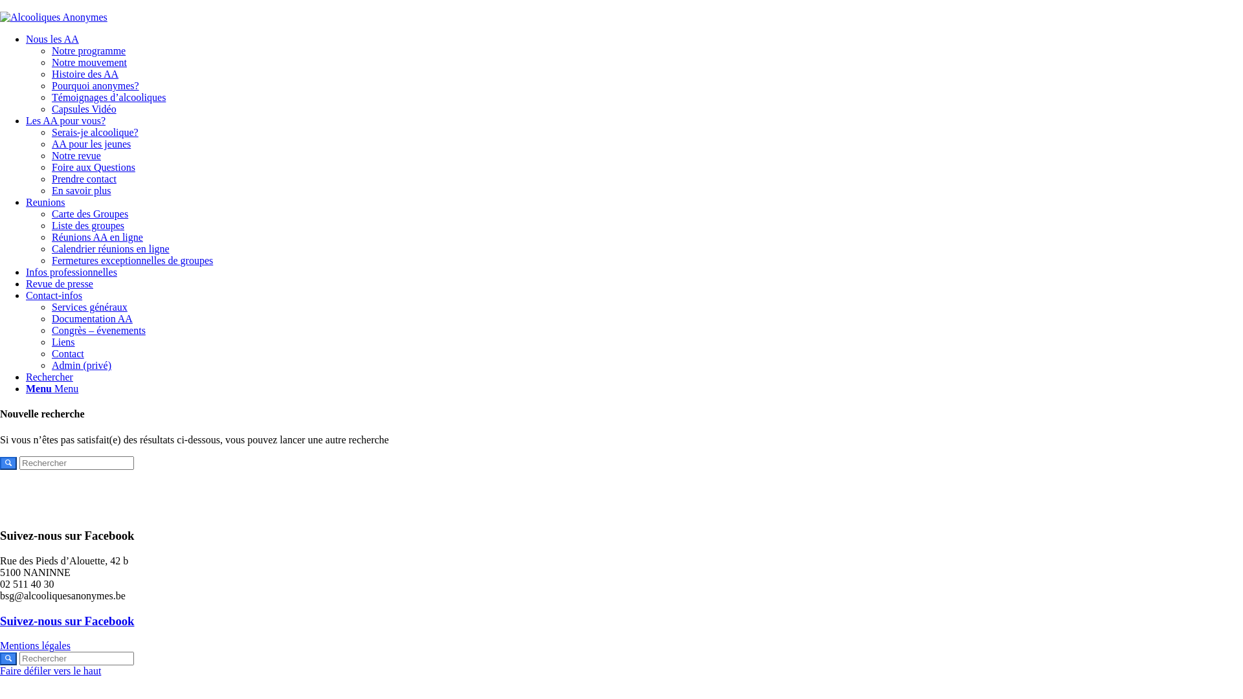 This screenshot has width=1243, height=699. What do you see at coordinates (91, 318) in the screenshot?
I see `'Documentation AA'` at bounding box center [91, 318].